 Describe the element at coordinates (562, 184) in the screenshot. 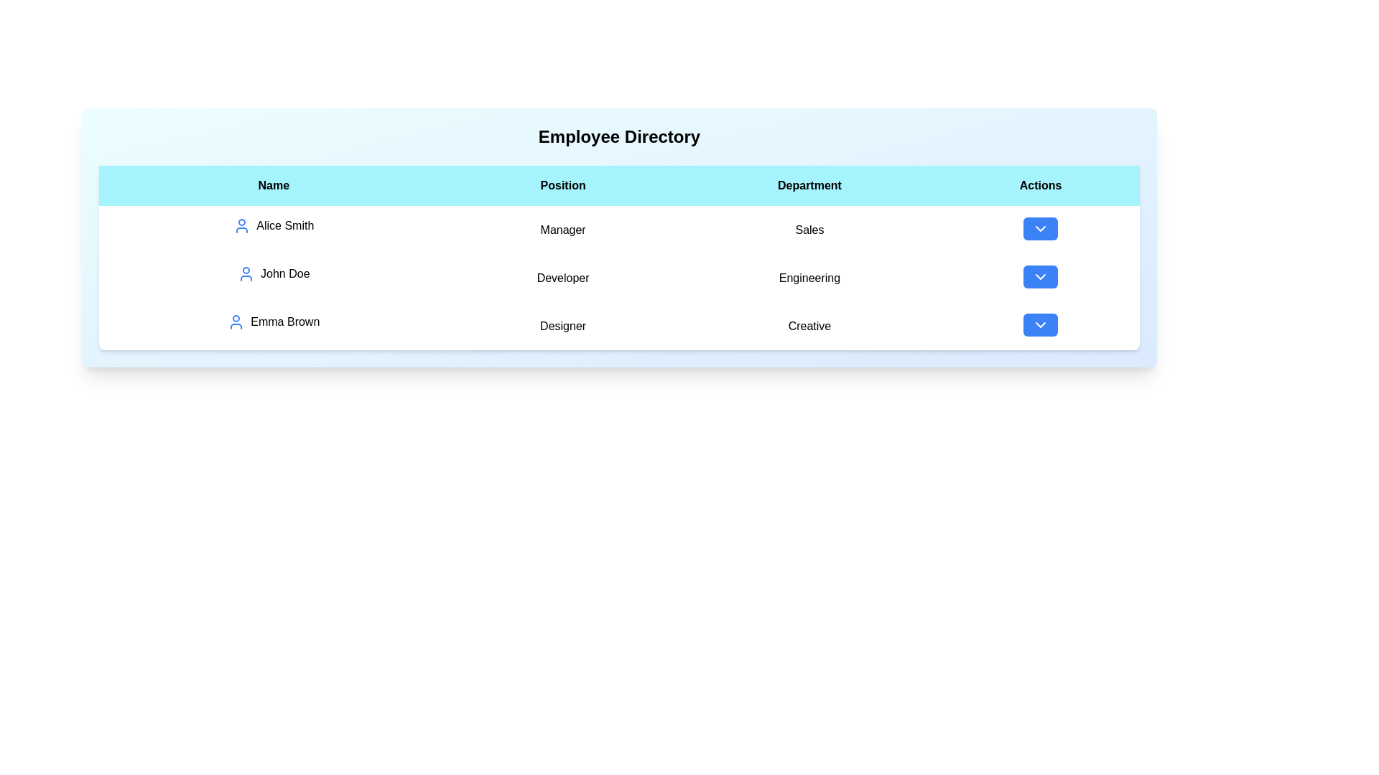

I see `the 'Position' column header in the table that indicates the type of data displayed in the cells below` at that location.